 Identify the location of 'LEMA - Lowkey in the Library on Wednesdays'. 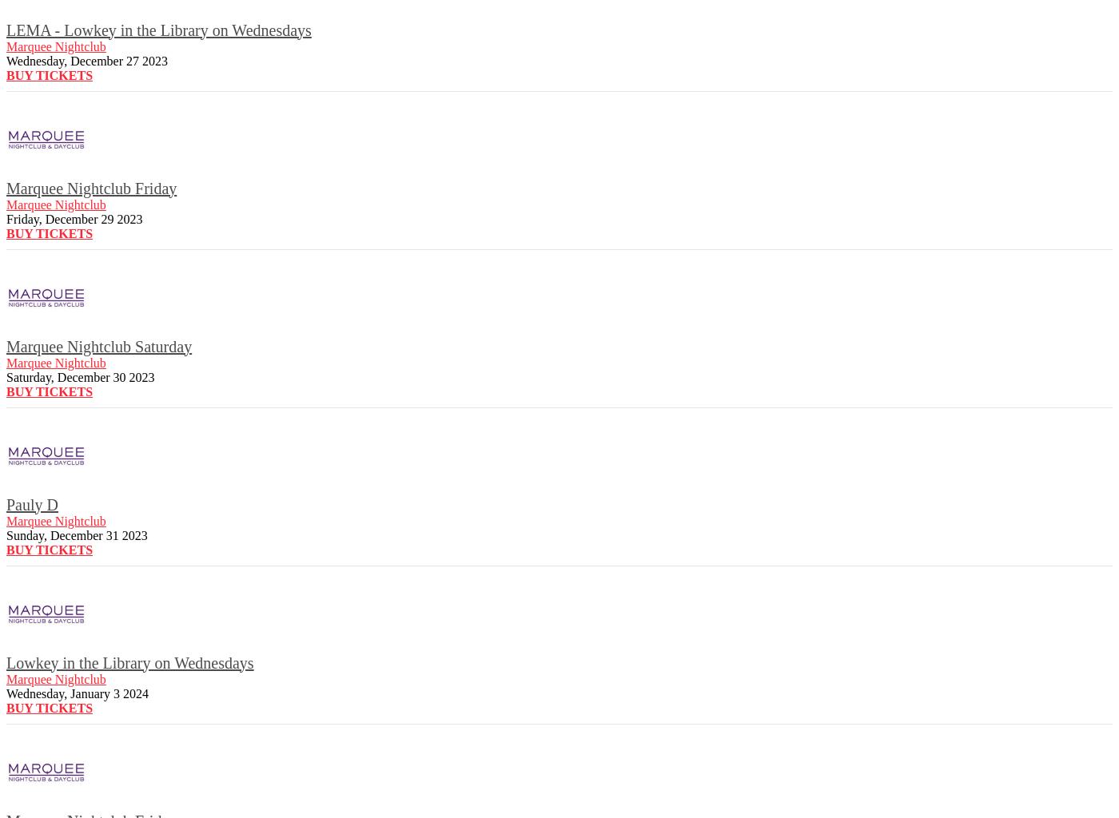
(158, 29).